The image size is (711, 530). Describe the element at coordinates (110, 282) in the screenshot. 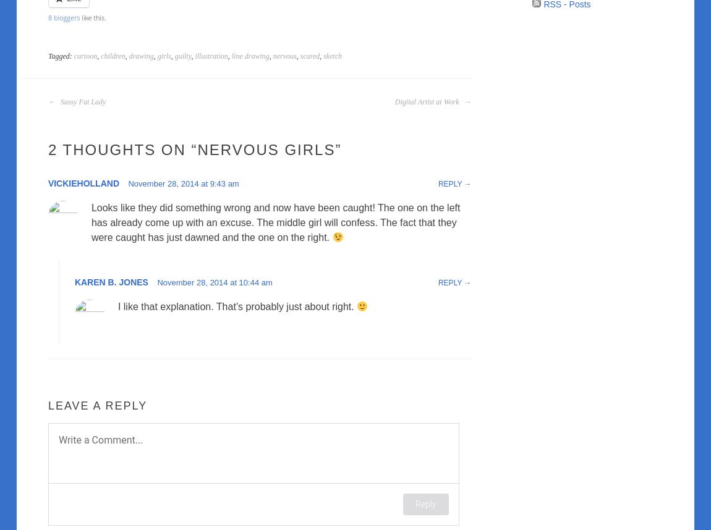

I see `'Karen B. Jones'` at that location.